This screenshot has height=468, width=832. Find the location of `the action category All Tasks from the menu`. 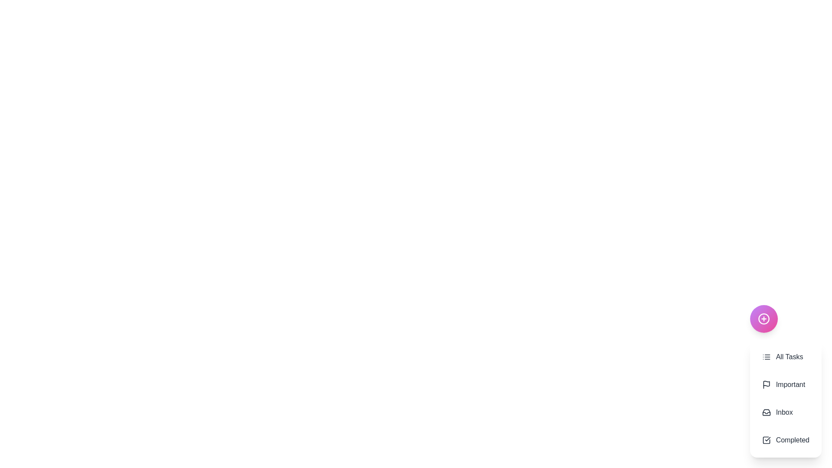

the action category All Tasks from the menu is located at coordinates (786, 357).